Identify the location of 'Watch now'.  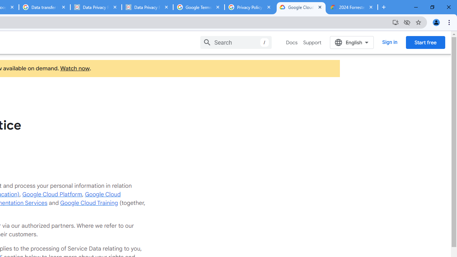
(75, 69).